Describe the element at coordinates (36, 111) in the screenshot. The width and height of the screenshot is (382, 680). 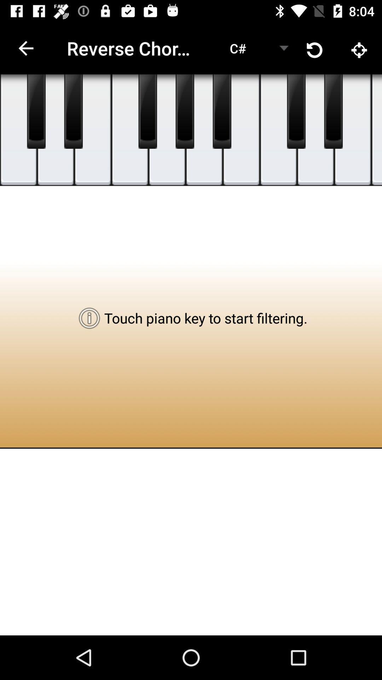
I see `piano play key` at that location.